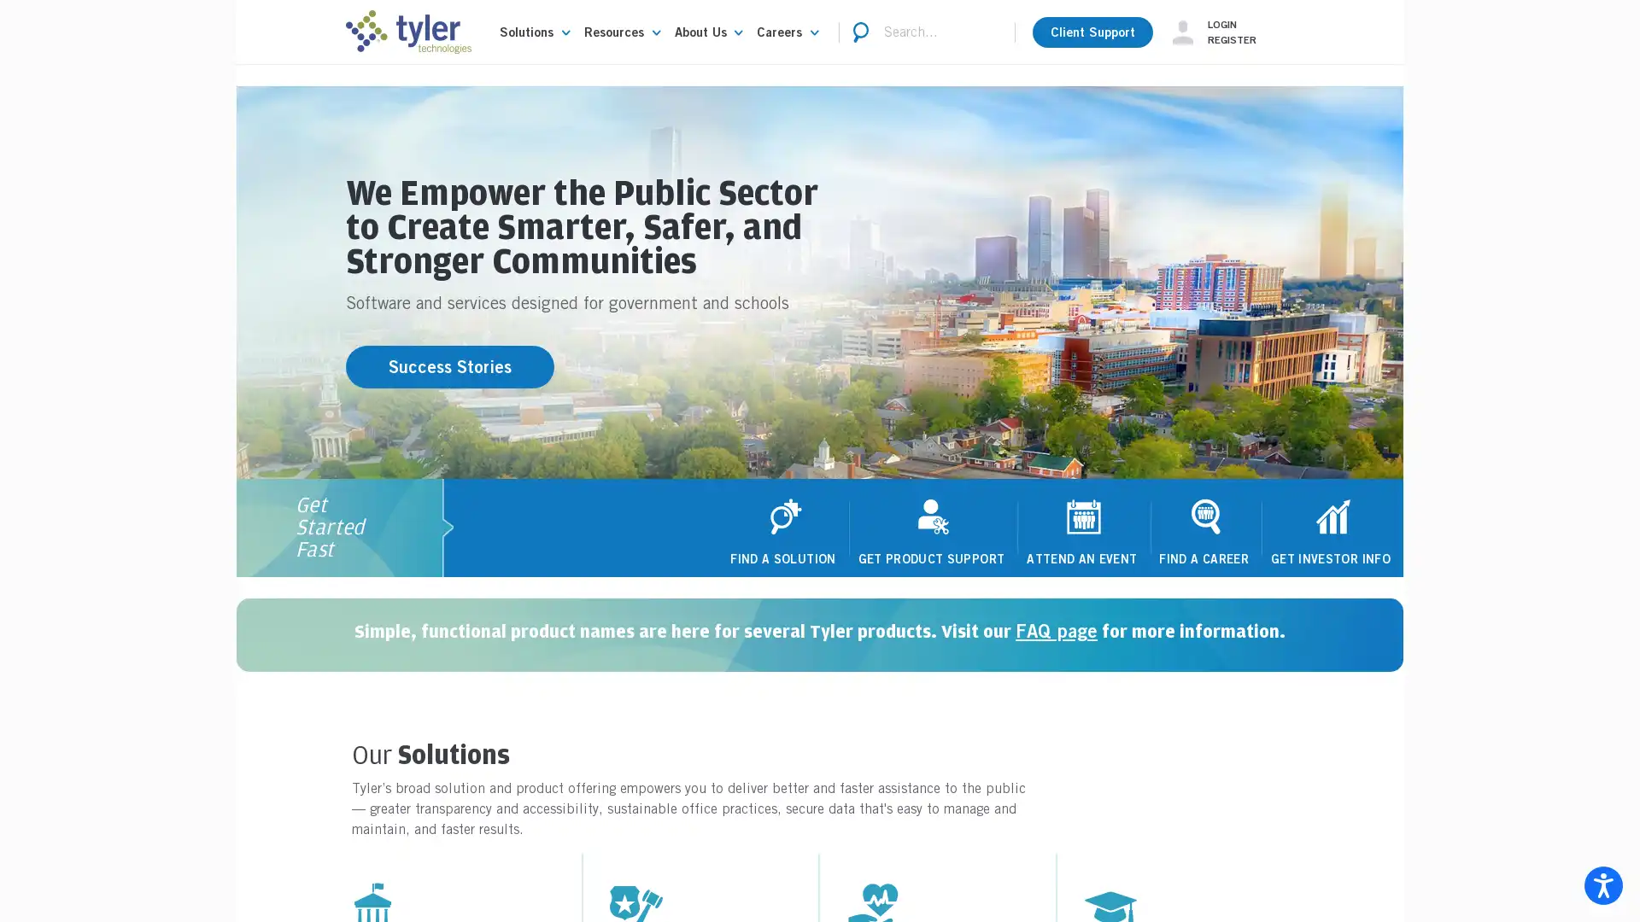  Describe the element at coordinates (1602, 884) in the screenshot. I see `Open accessibility options, statement and help` at that location.